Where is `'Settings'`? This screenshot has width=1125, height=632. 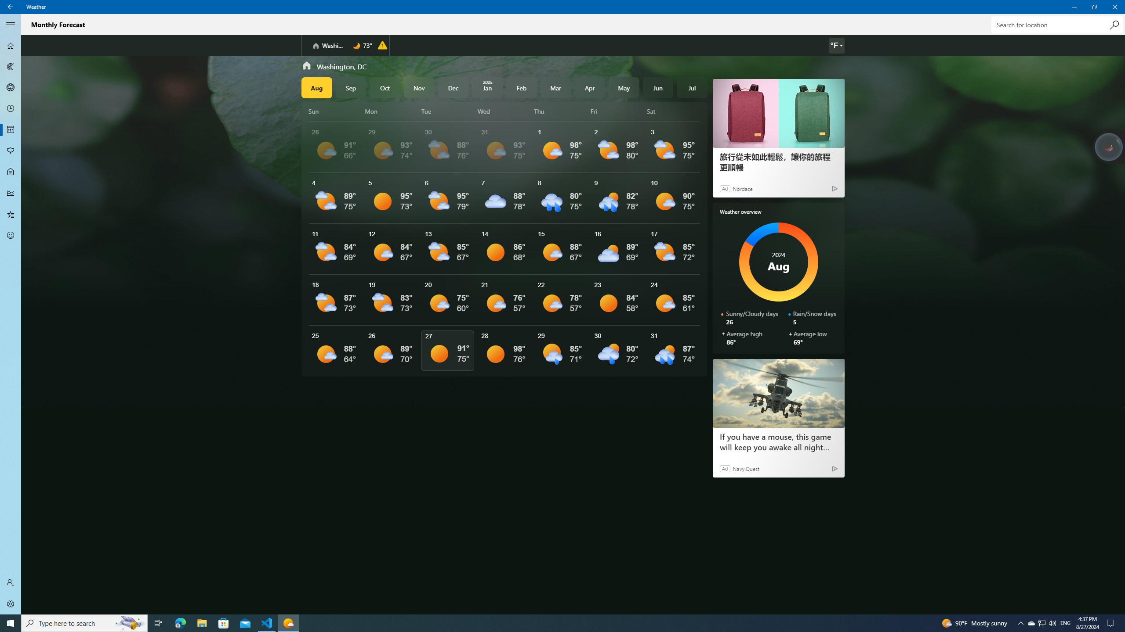
'Settings' is located at coordinates (11, 603).